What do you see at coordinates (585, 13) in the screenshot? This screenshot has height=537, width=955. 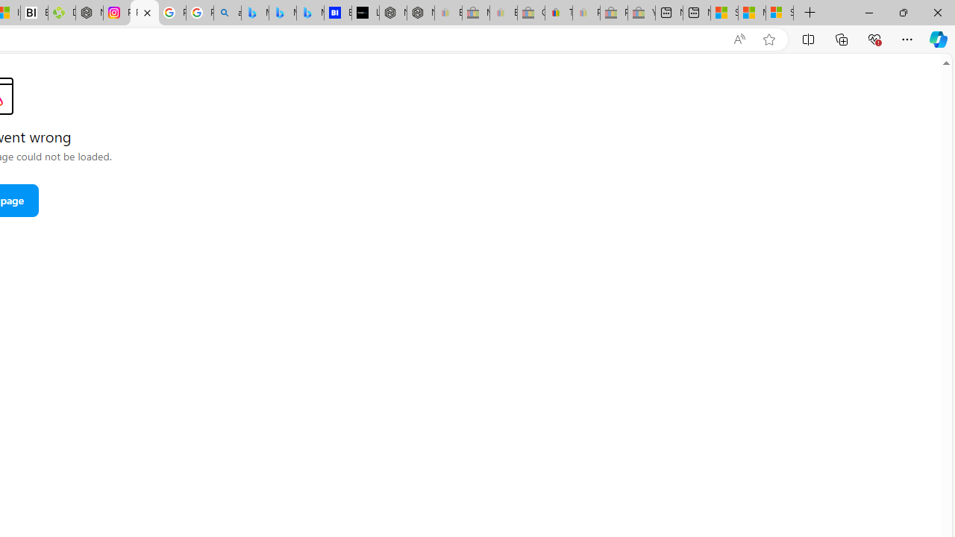 I see `'Payments Terms of Use | eBay.com - Sleeping'` at bounding box center [585, 13].